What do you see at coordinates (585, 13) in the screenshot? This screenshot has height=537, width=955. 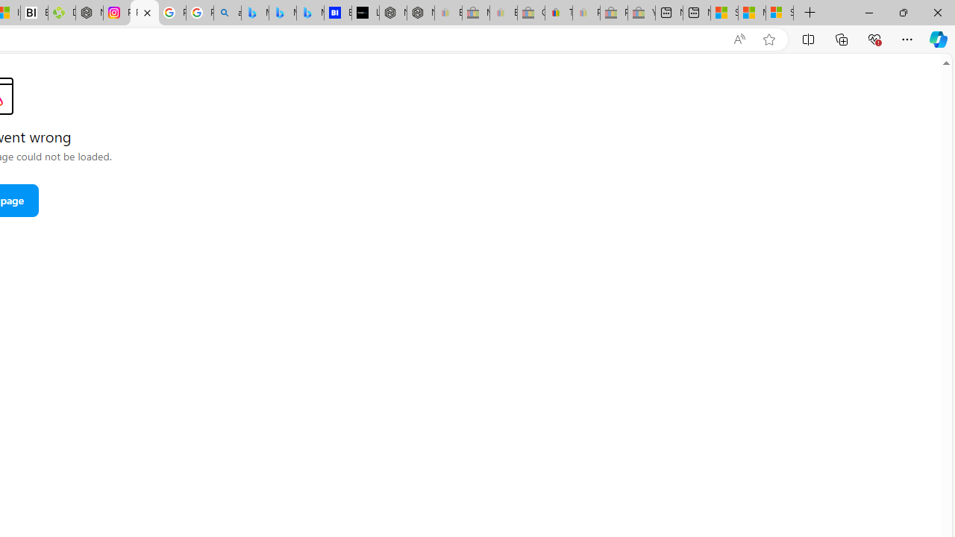 I see `'Payments Terms of Use | eBay.com - Sleeping'` at bounding box center [585, 13].